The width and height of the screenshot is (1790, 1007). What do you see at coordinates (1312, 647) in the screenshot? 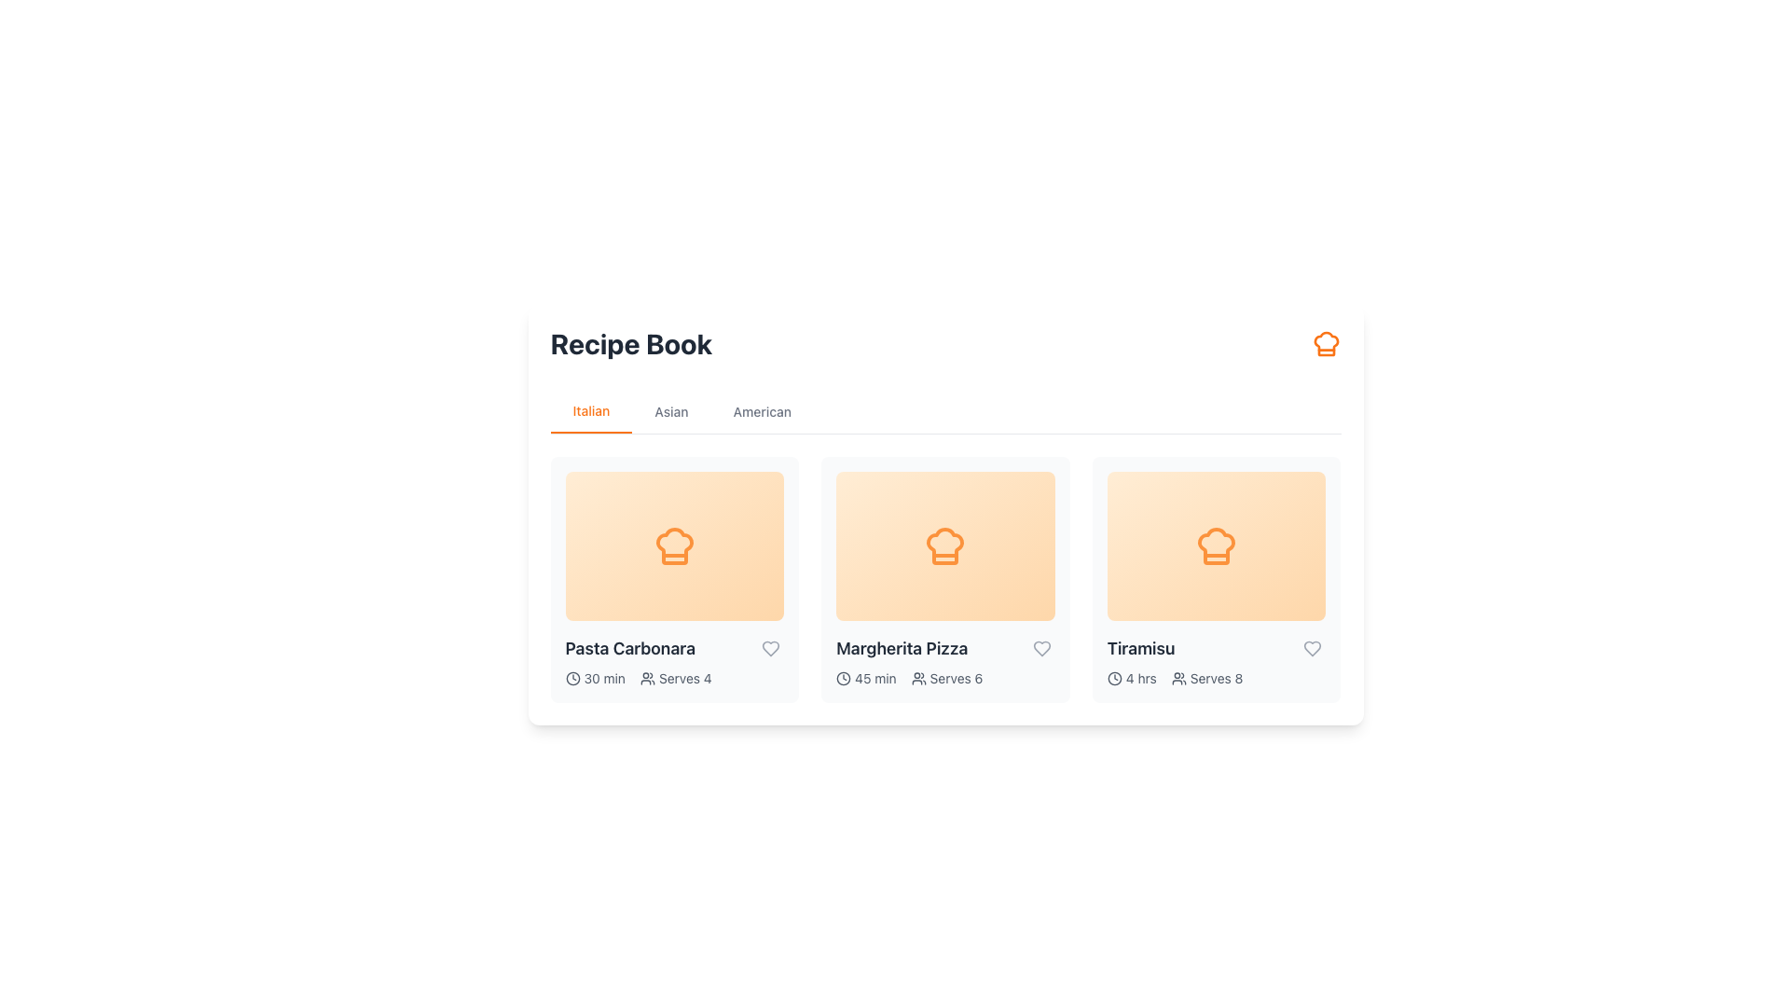
I see `the favorite button located in the bottom-right corner of the 'Tiramisu' recipe card` at bounding box center [1312, 647].